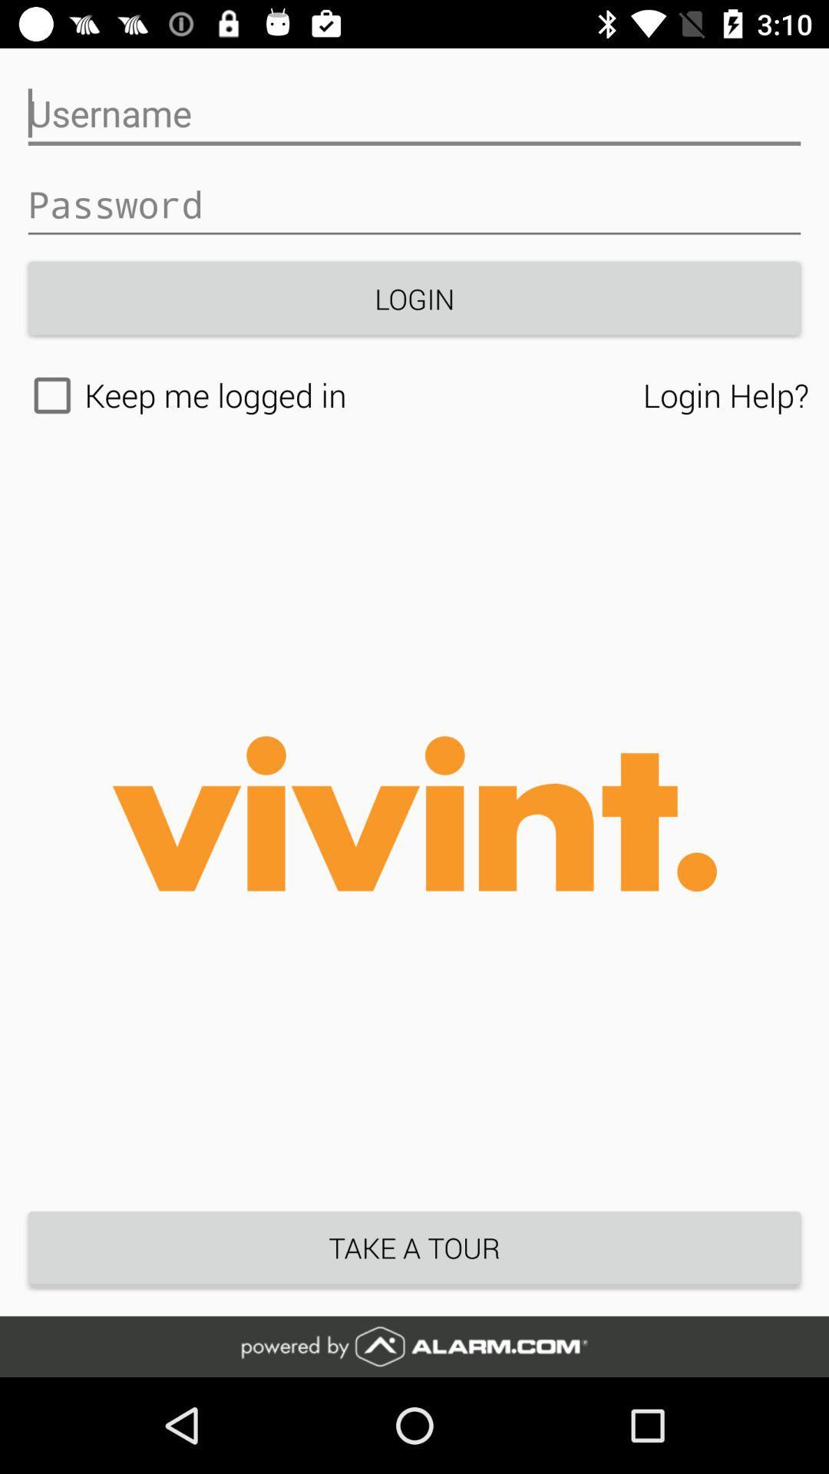  What do you see at coordinates (414, 1248) in the screenshot?
I see `take a tour` at bounding box center [414, 1248].